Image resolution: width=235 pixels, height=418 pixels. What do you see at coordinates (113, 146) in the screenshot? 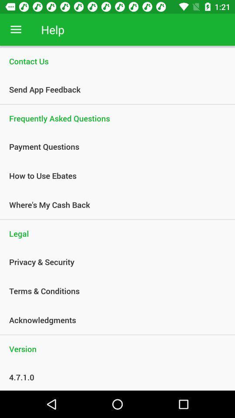
I see `the icon above the how to use` at bounding box center [113, 146].